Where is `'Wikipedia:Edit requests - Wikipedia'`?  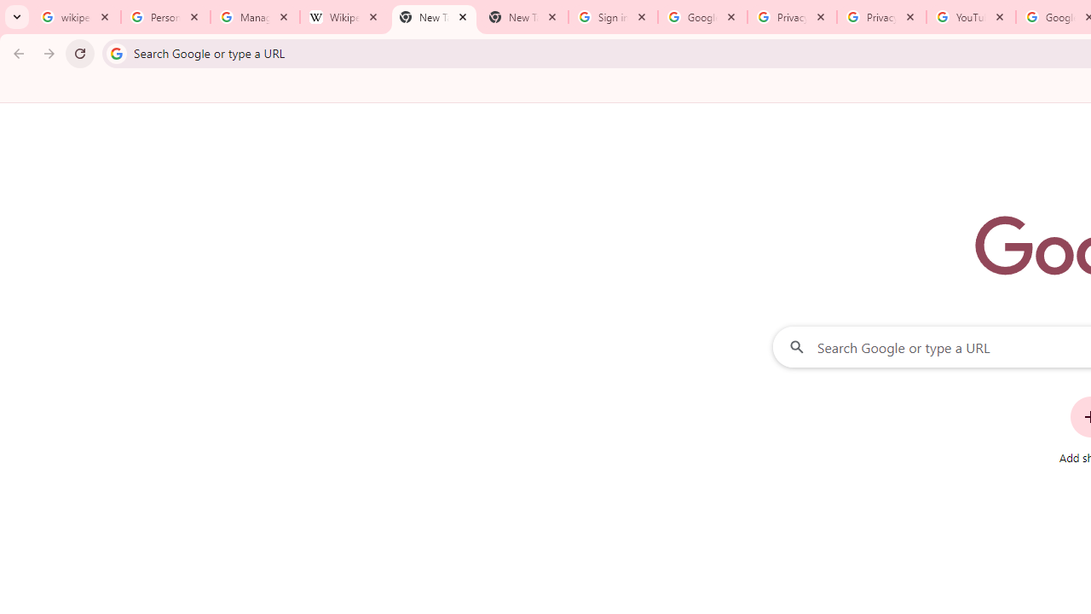 'Wikipedia:Edit requests - Wikipedia' is located at coordinates (343, 17).